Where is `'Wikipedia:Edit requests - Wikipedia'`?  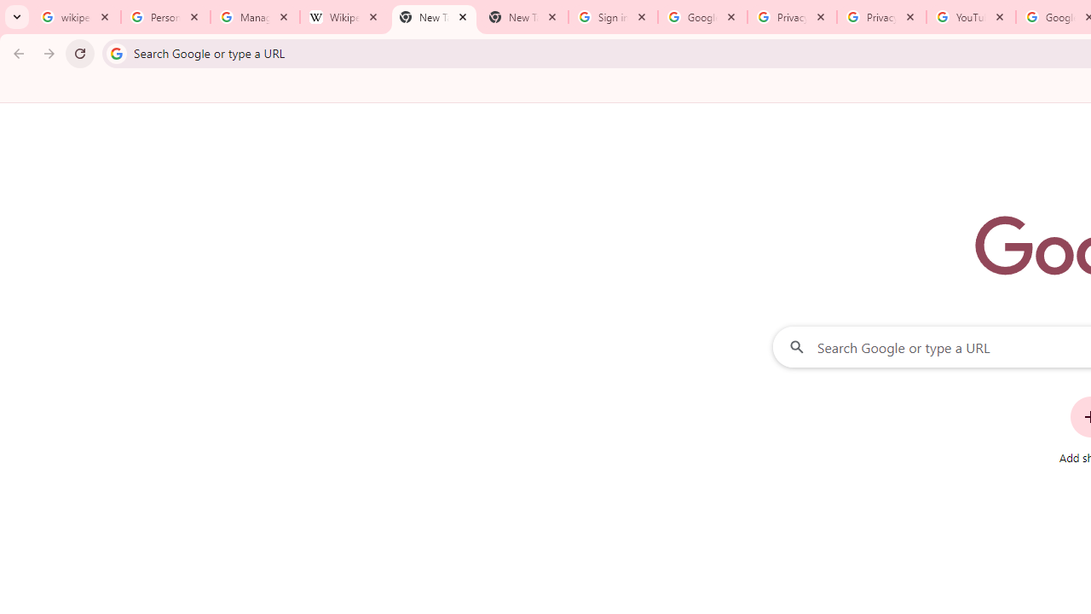 'Wikipedia:Edit requests - Wikipedia' is located at coordinates (343, 17).